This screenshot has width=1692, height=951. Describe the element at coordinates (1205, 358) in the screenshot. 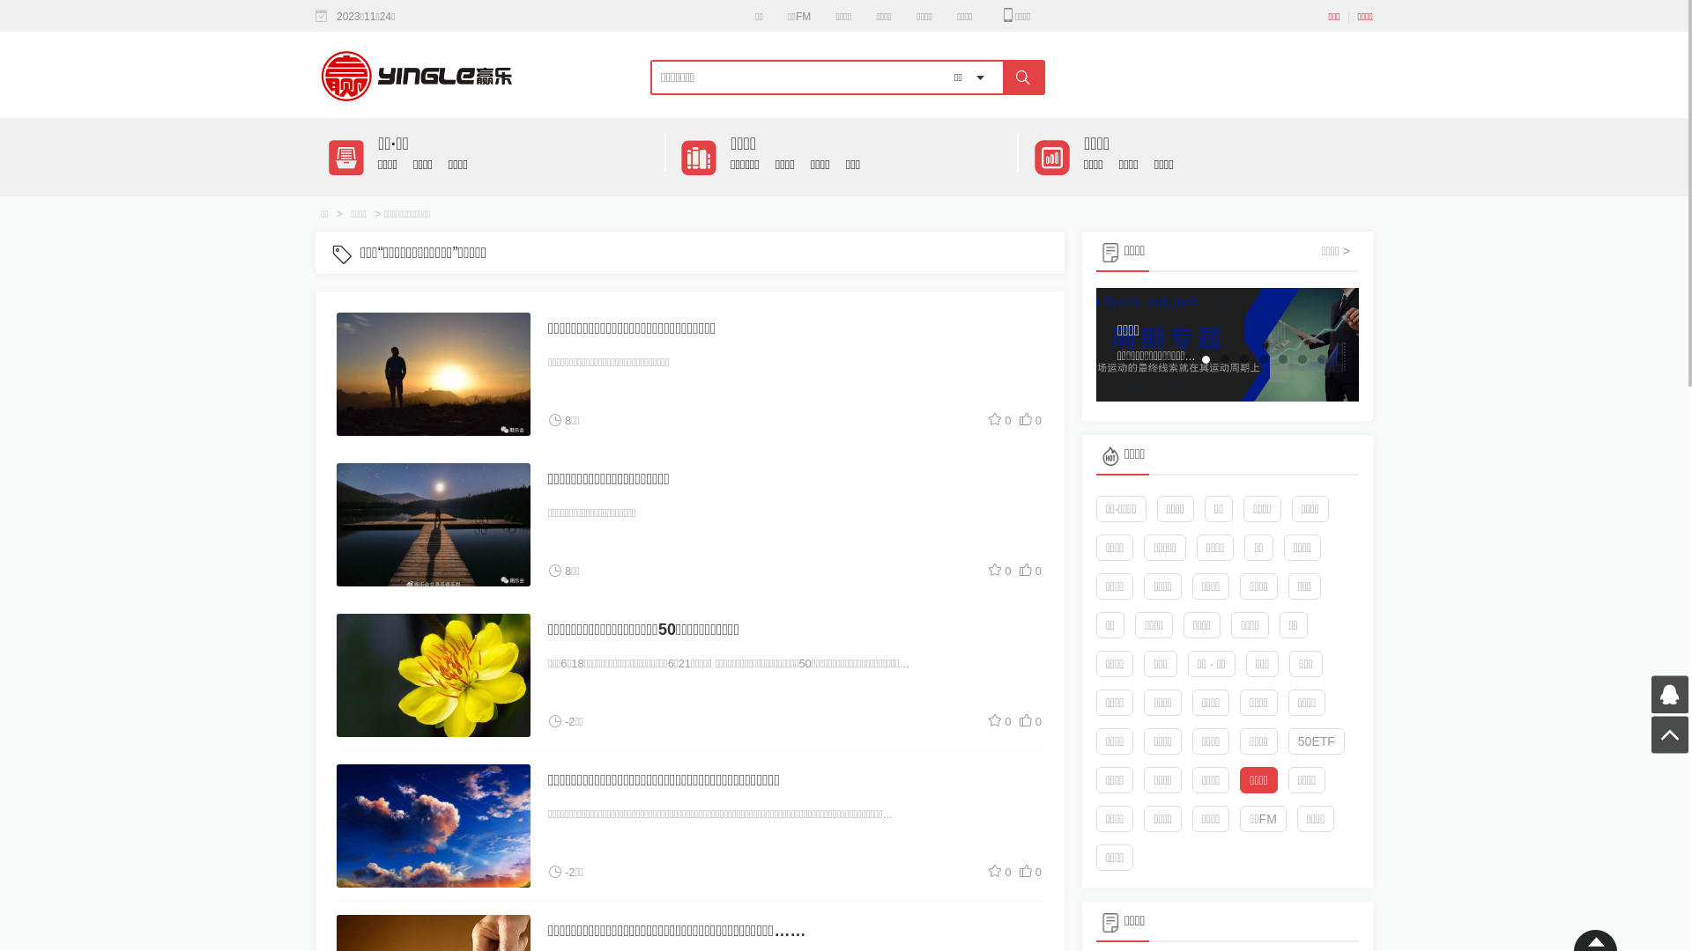

I see `'5'` at that location.